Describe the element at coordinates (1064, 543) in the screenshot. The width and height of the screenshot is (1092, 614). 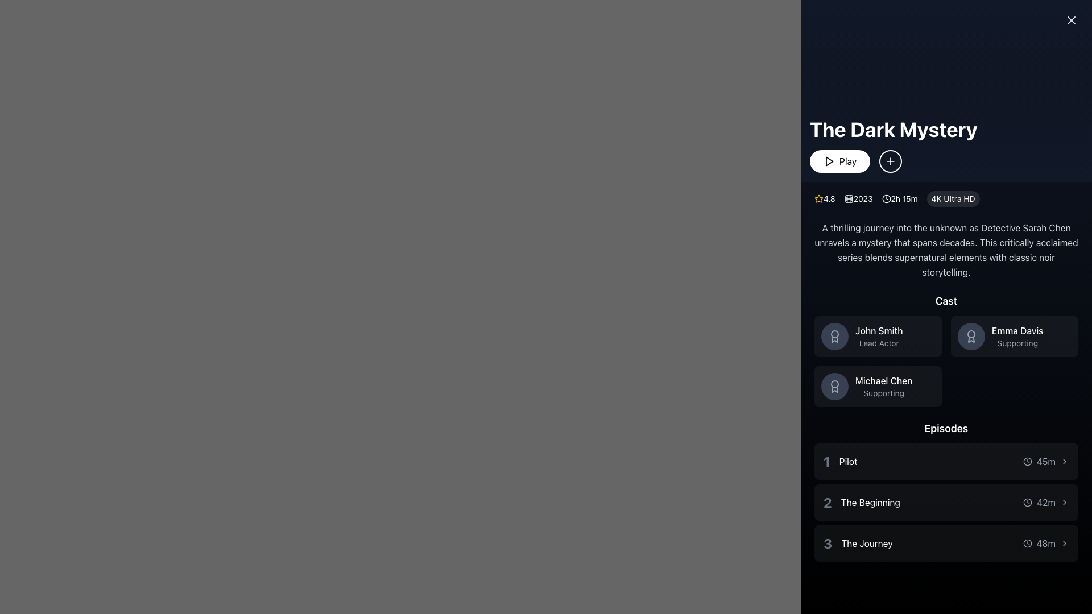
I see `the chevron navigation arrow icon located to the far right of the episode information row for 'The Journey'` at that location.